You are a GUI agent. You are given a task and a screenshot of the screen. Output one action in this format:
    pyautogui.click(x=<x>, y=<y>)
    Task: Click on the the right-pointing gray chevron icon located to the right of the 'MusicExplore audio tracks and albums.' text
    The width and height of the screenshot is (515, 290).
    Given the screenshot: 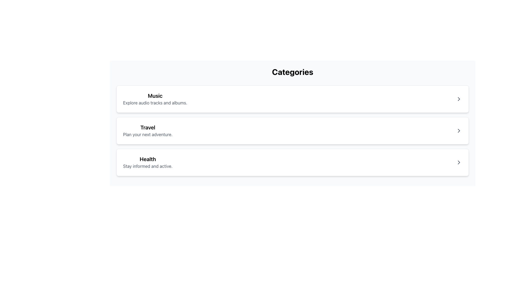 What is the action you would take?
    pyautogui.click(x=458, y=99)
    